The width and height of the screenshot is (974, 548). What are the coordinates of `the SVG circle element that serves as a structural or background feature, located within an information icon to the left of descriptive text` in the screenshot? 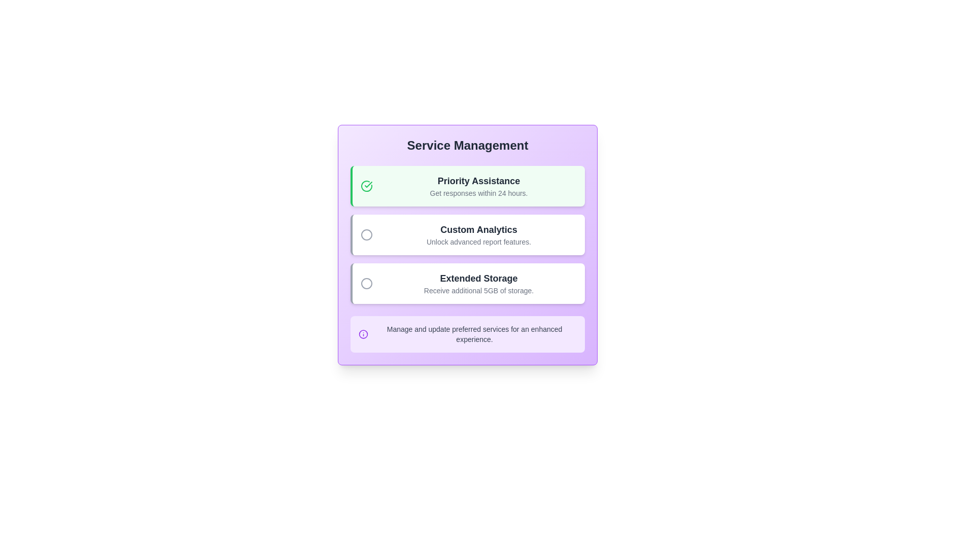 It's located at (363, 334).